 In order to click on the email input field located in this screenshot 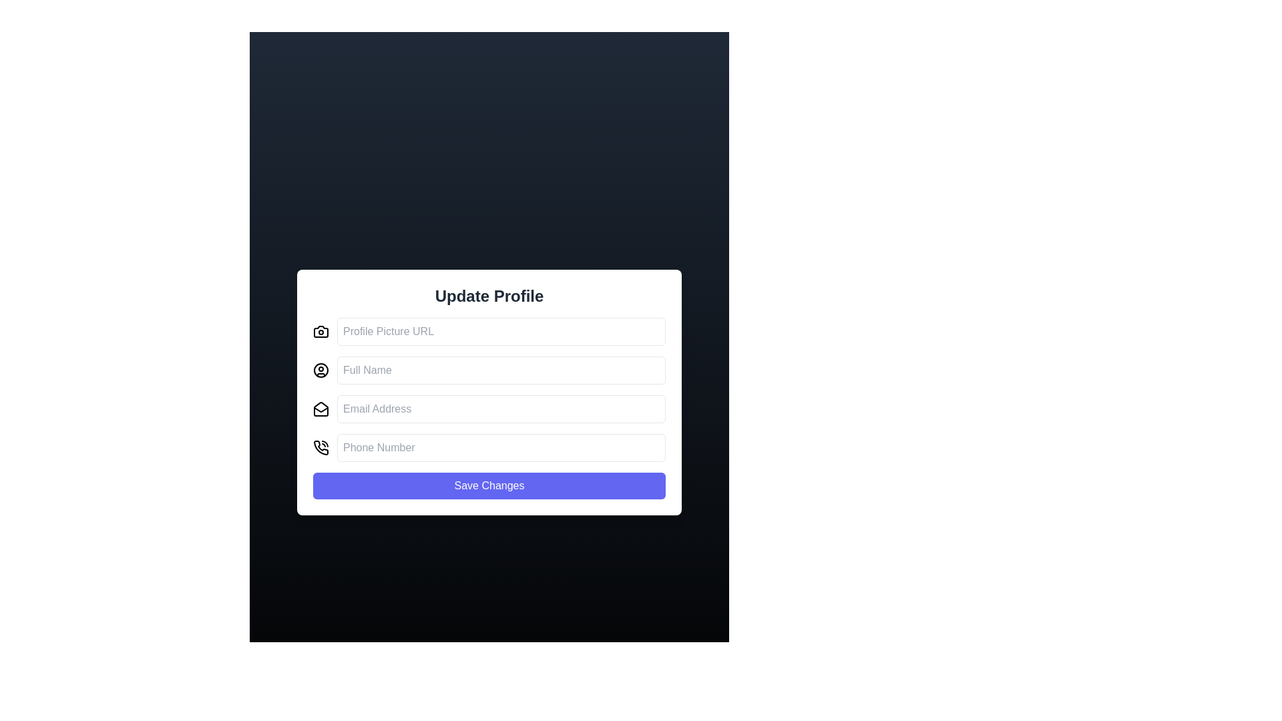, I will do `click(489, 409)`.